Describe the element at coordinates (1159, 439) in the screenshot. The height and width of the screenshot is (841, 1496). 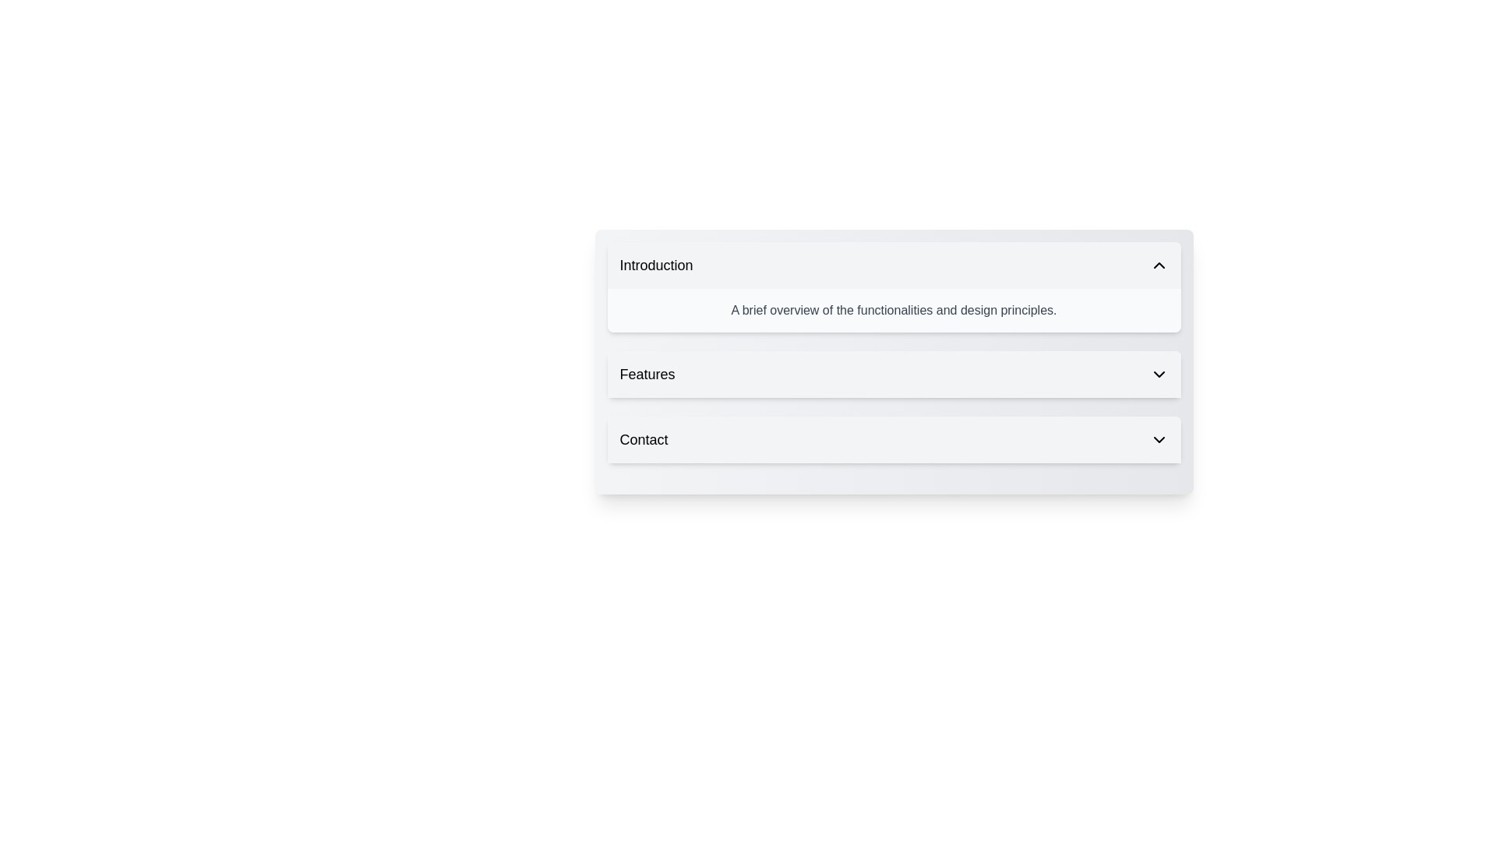
I see `the expansion icon located at the far-right end of the 'Contact' section header` at that location.